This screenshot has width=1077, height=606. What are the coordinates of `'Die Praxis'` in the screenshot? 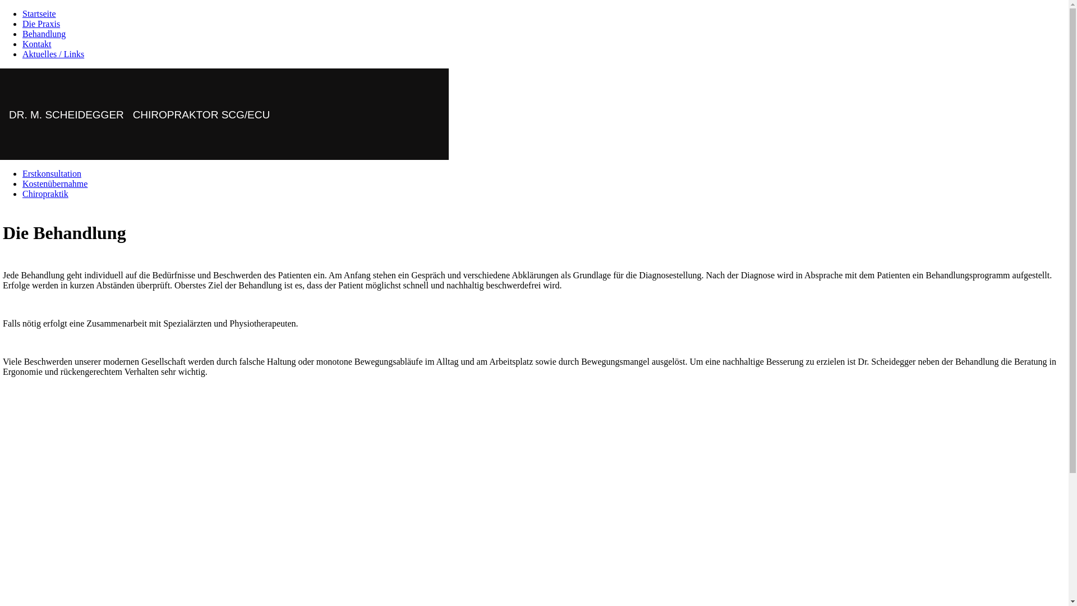 It's located at (41, 24).